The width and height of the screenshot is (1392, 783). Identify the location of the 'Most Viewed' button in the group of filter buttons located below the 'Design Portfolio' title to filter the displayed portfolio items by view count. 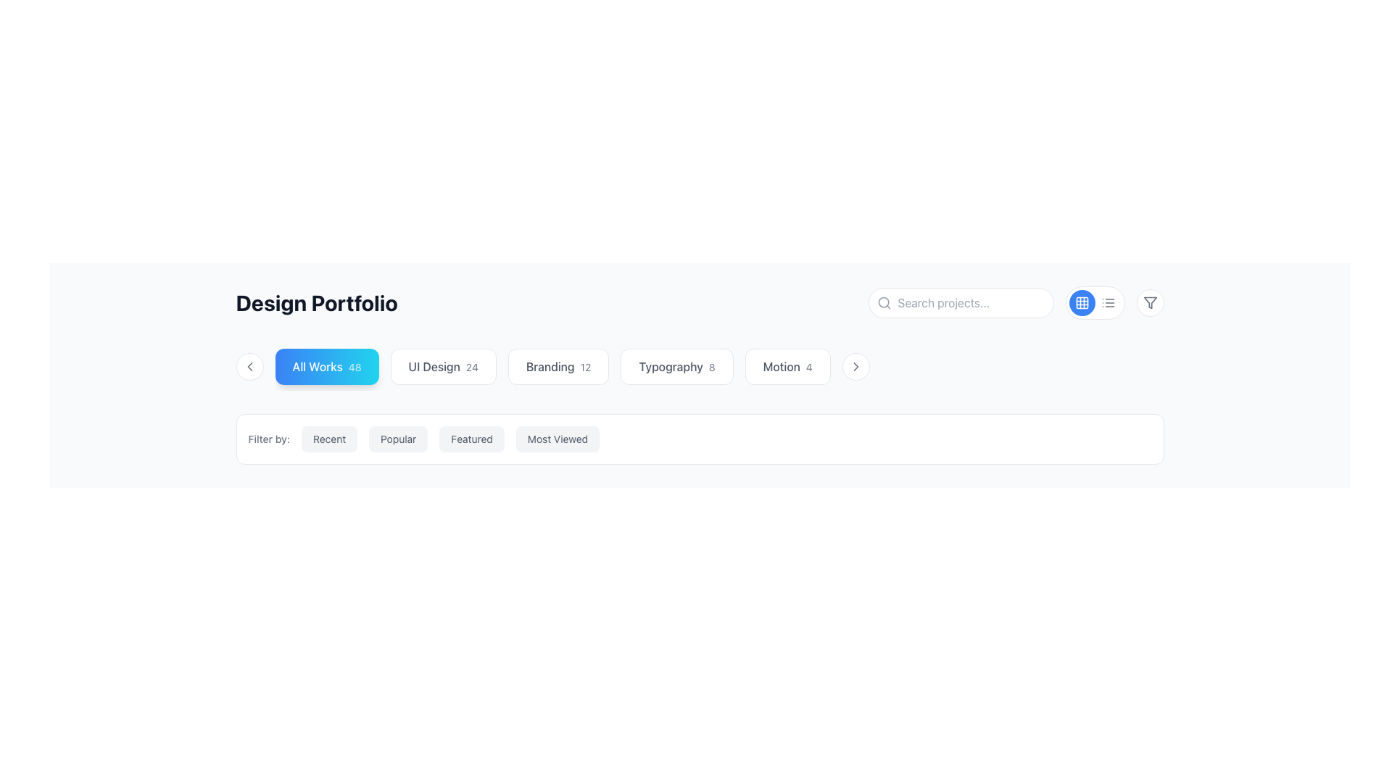
(700, 438).